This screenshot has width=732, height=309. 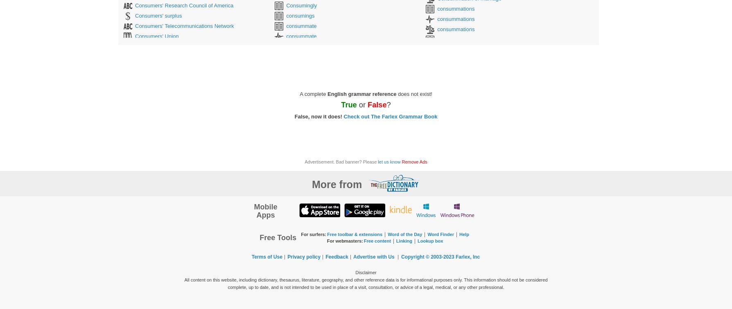 I want to click on 'More from', so click(x=336, y=184).